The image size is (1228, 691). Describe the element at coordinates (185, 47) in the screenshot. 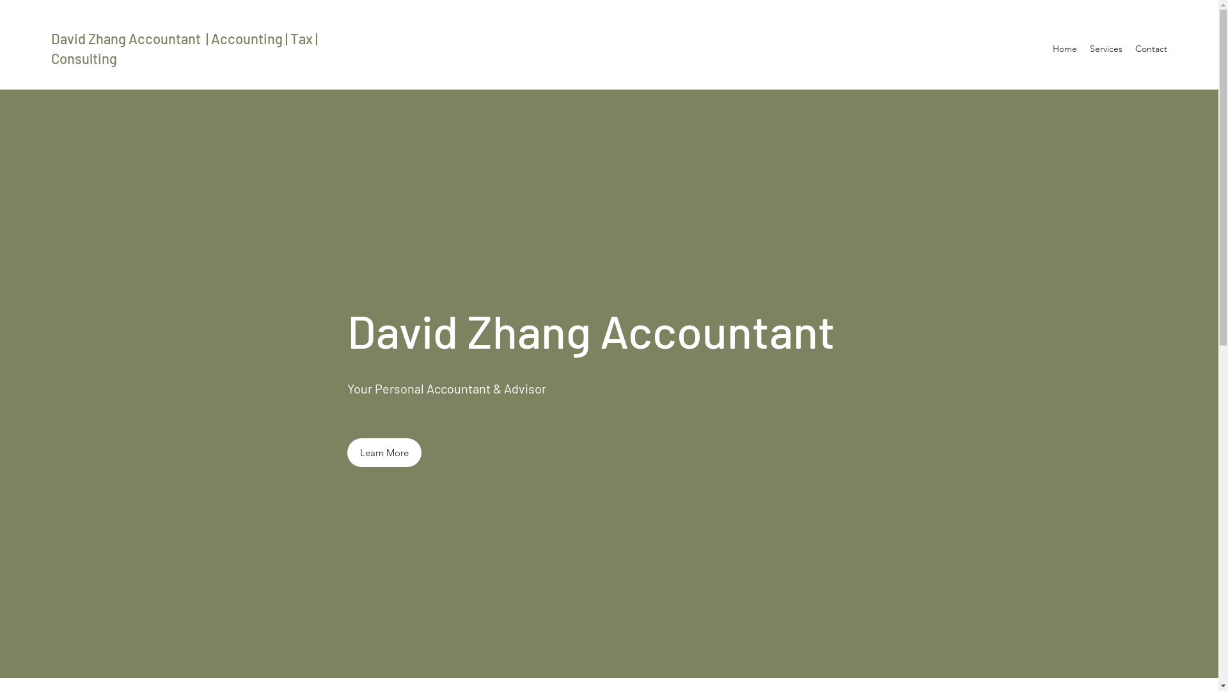

I see `'David Zhang Accountant  | Accounting | Tax |  Consulting'` at that location.